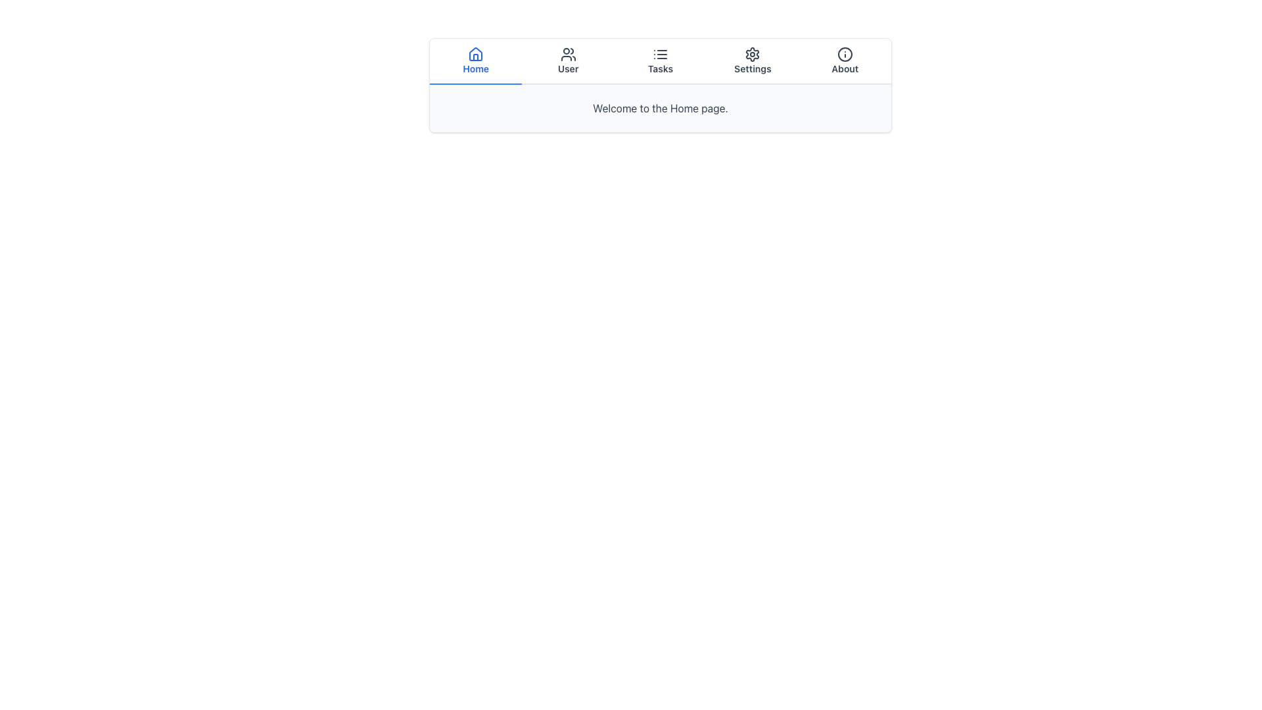  I want to click on the navigation label that marks the current location within the application, located in the center of the navigation bar under the house icon, so click(475, 68).